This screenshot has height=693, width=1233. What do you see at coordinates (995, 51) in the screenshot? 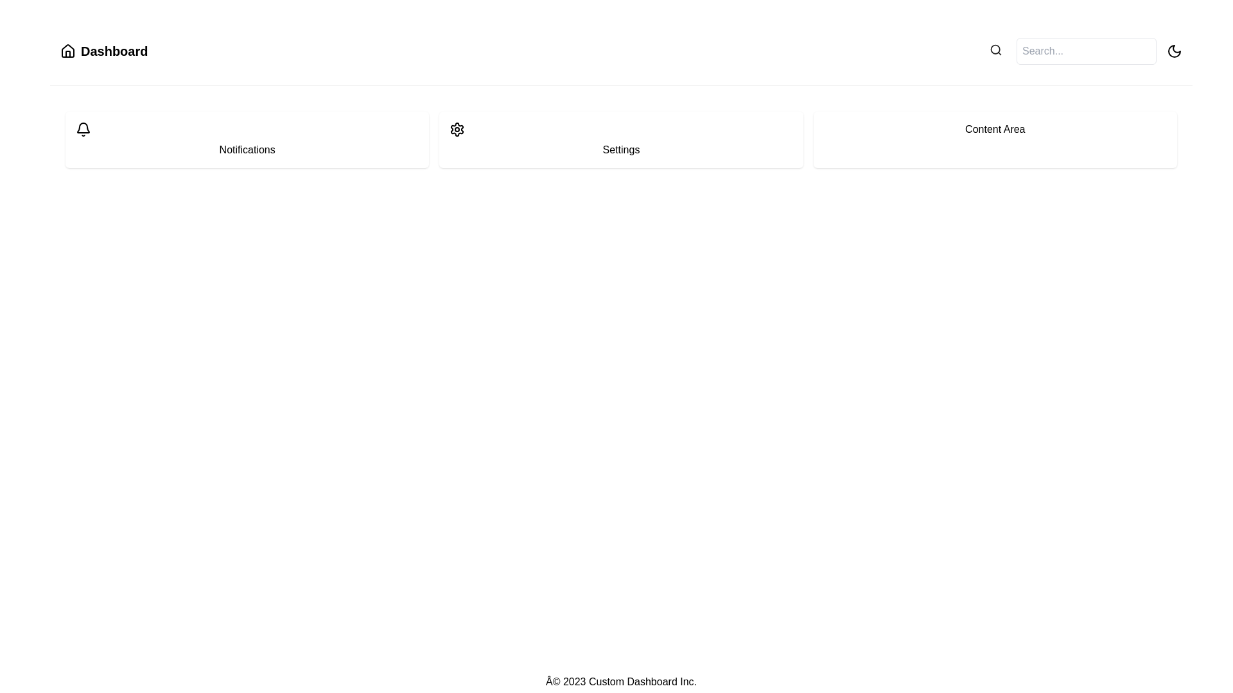
I see `the round search button with a magnifying glass icon located near the top-right corner of the layout` at bounding box center [995, 51].